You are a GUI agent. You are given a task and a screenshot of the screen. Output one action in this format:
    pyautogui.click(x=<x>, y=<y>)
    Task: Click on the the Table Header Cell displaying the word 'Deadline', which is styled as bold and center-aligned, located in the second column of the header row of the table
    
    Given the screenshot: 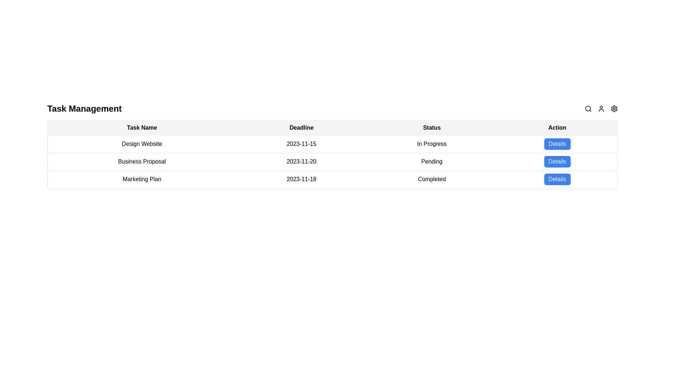 What is the action you would take?
    pyautogui.click(x=301, y=127)
    